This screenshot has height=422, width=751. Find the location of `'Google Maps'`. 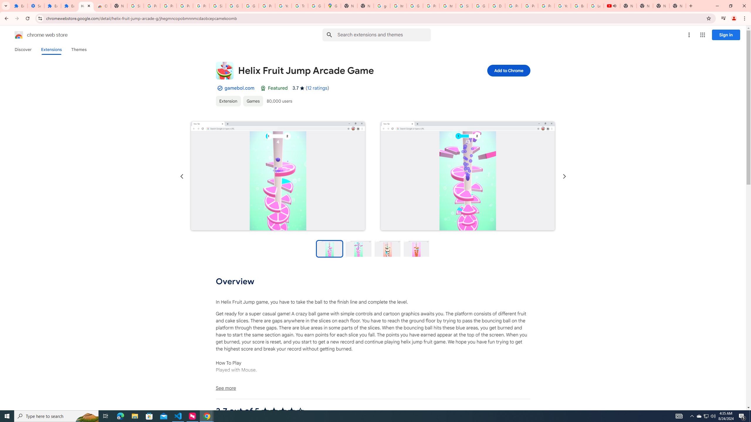

'Google Maps' is located at coordinates (332, 6).